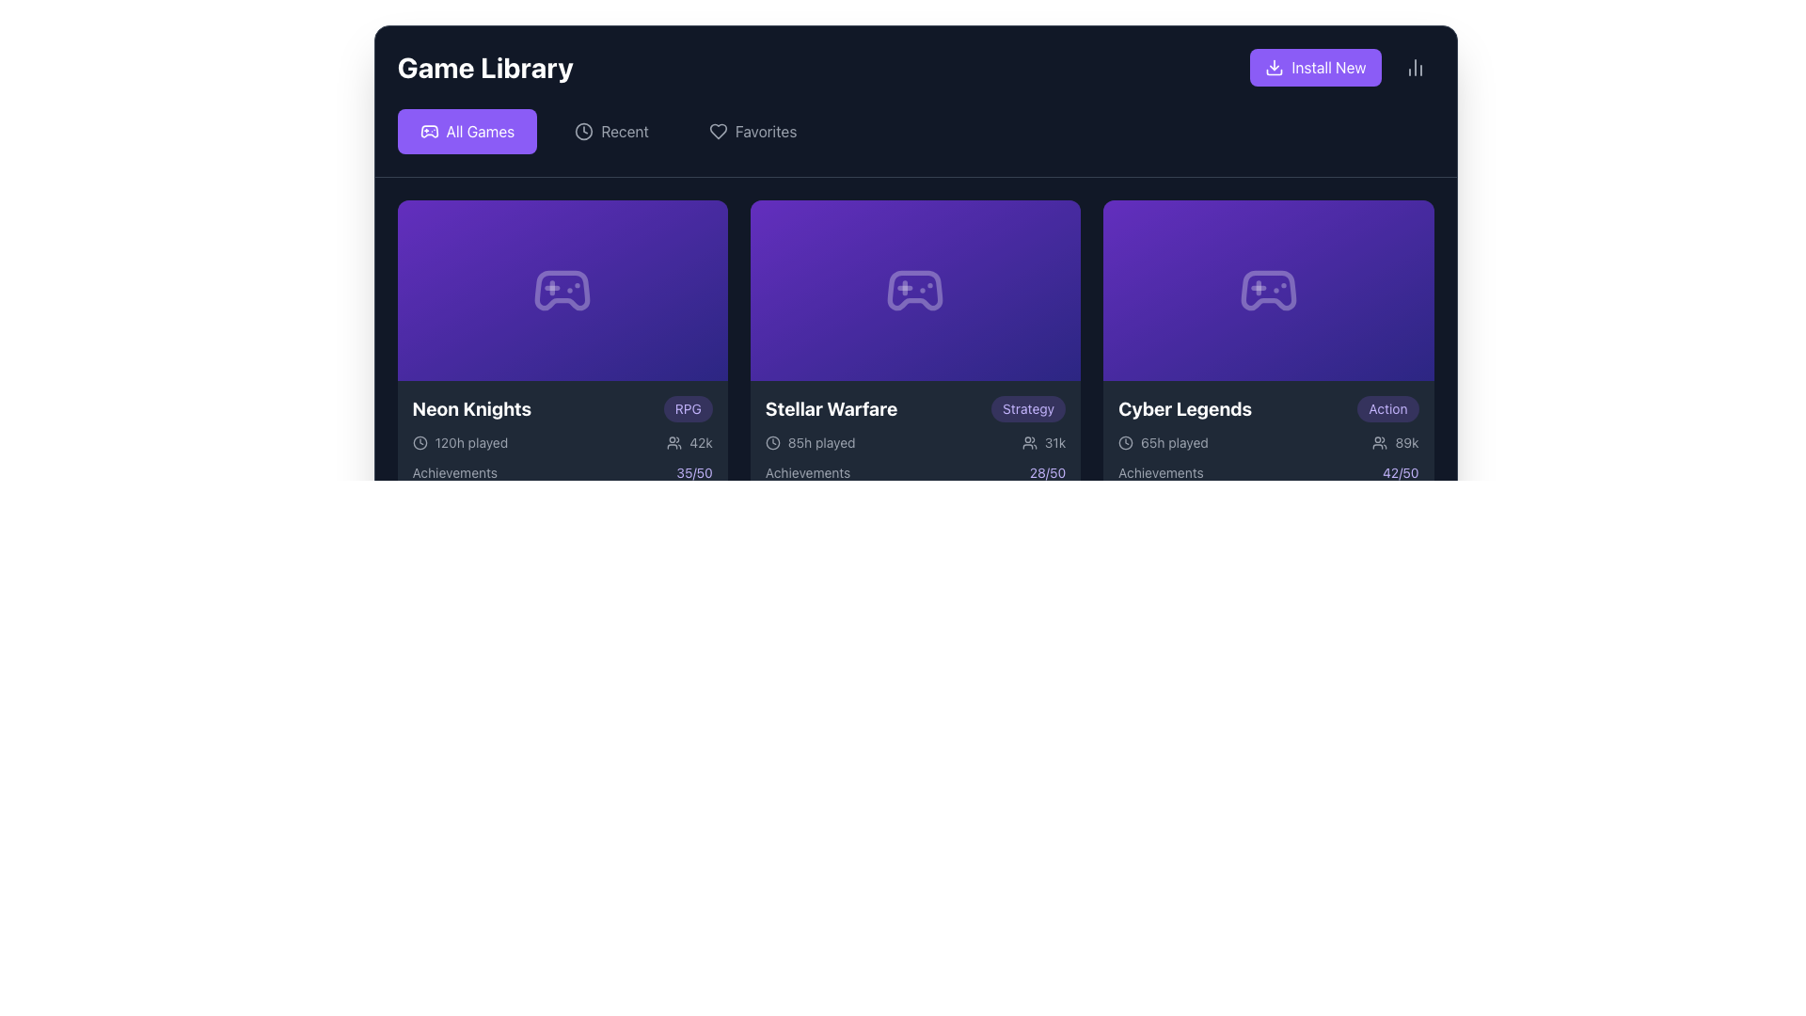 This screenshot has height=1016, width=1806. Describe the element at coordinates (810, 442) in the screenshot. I see `the displayed cumulative hours spent playing the game located in the central column under the 'Stellar Warfare' card, below the card title and to the left of the '31k' text` at that location.